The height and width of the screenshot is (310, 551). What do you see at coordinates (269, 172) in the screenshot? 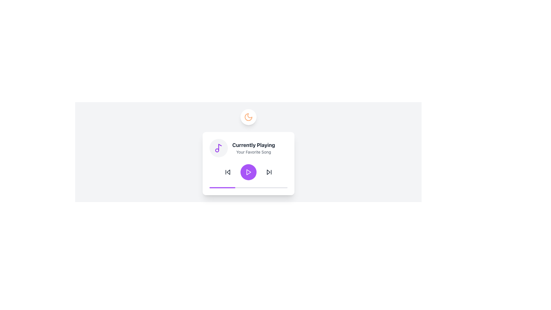
I see `the circular button with a black arrow pointing to the right, which has a white background and changes to light gray on hover, located at the bottom central portion of the interface` at bounding box center [269, 172].